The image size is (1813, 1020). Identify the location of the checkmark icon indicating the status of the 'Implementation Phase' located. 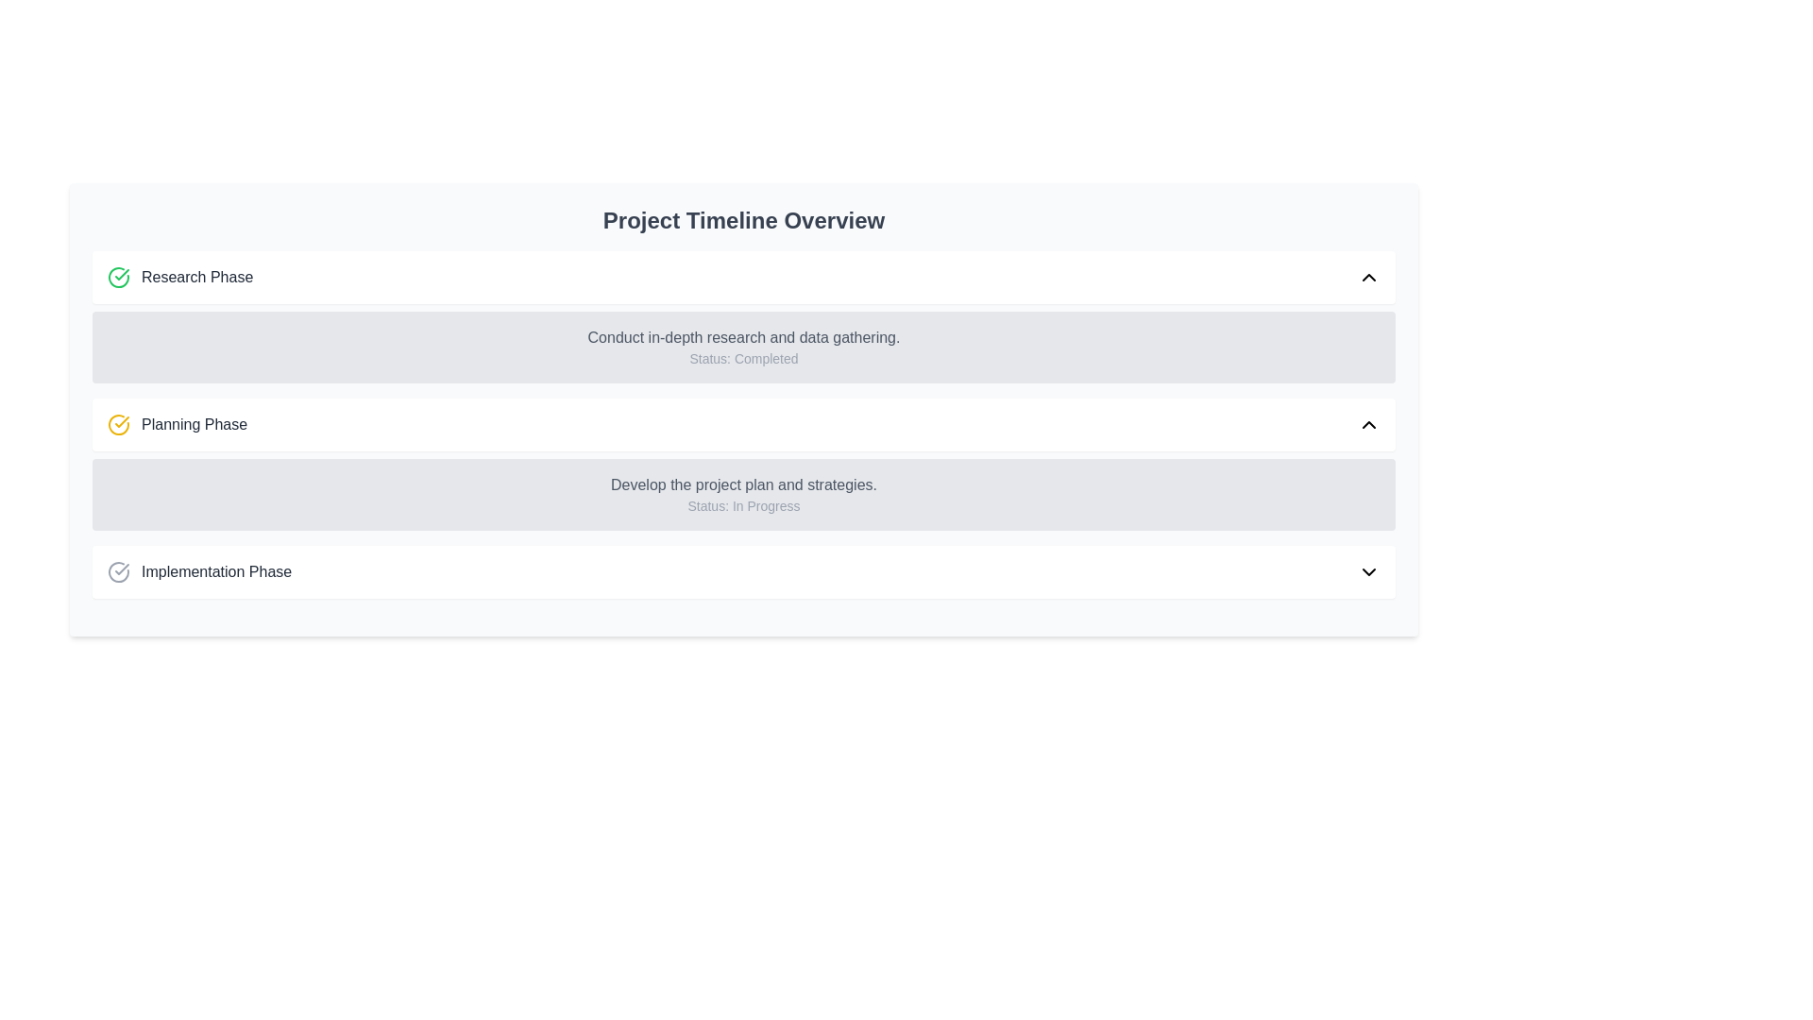
(117, 570).